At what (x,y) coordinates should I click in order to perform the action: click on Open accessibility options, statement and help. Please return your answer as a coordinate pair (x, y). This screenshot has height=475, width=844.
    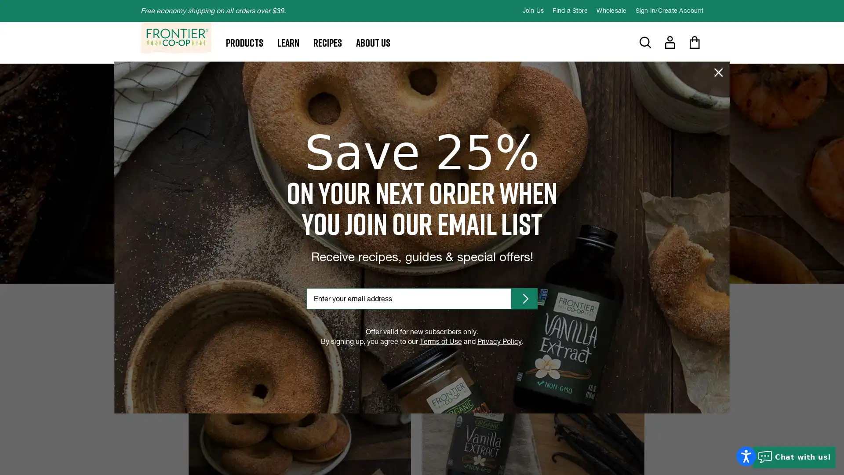
    Looking at the image, I should click on (746, 456).